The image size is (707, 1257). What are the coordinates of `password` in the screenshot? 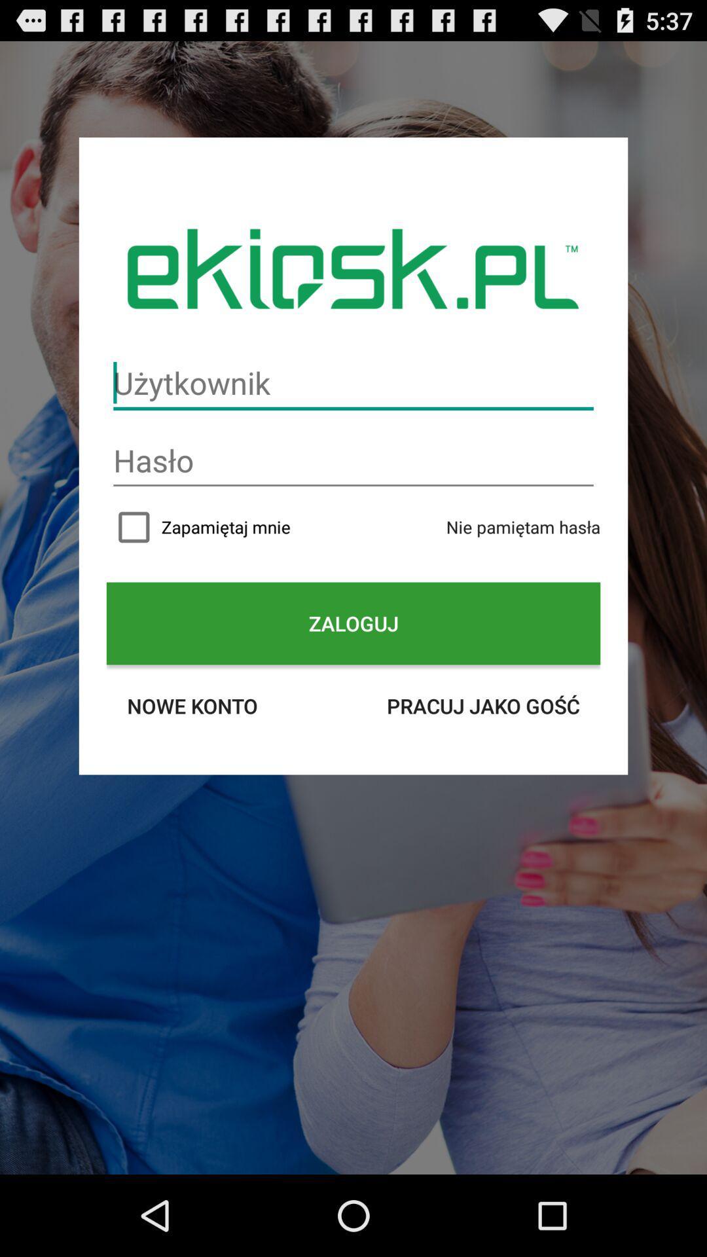 It's located at (353, 461).